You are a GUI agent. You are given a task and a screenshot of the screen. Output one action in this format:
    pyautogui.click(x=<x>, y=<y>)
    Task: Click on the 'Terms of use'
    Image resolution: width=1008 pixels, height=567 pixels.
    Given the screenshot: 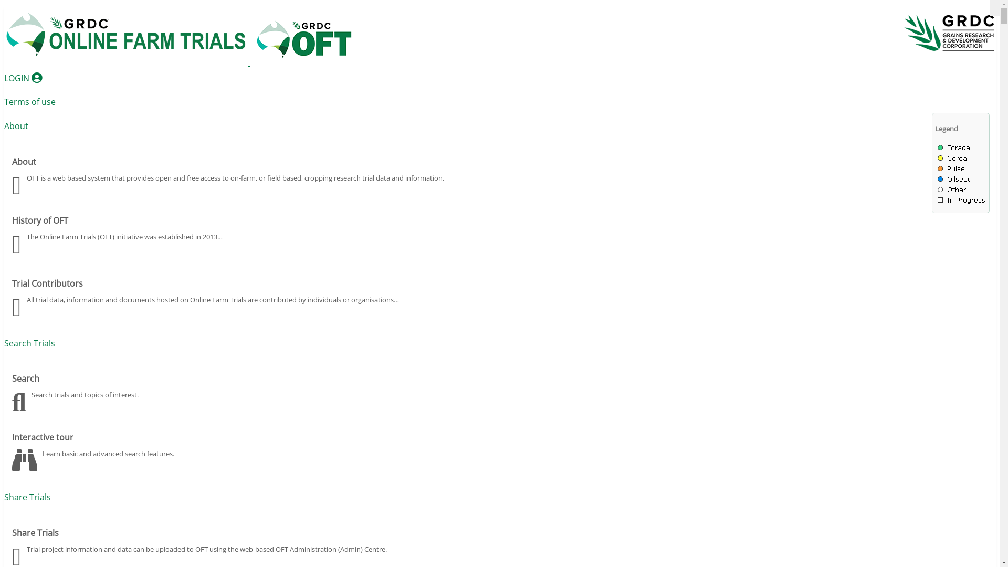 What is the action you would take?
    pyautogui.click(x=30, y=101)
    